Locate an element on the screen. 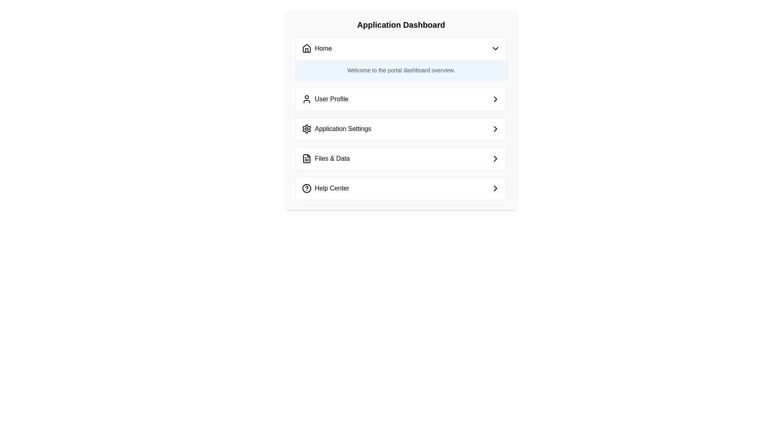 The image size is (771, 434). the 'Home' label with the house icon is located at coordinates (316, 48).